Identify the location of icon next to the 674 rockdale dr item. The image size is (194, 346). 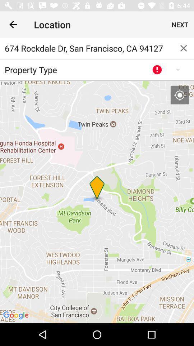
(184, 48).